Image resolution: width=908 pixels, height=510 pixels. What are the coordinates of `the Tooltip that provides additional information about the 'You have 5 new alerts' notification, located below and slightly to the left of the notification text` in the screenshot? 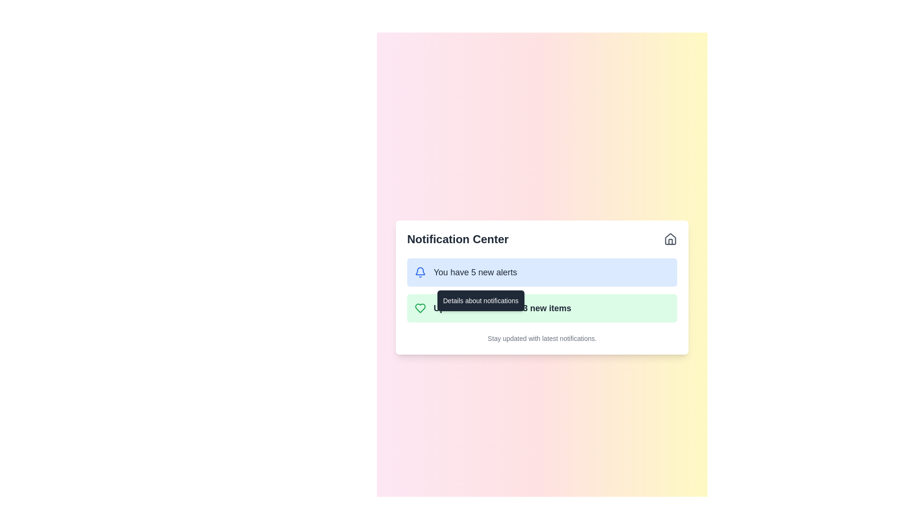 It's located at (480, 300).